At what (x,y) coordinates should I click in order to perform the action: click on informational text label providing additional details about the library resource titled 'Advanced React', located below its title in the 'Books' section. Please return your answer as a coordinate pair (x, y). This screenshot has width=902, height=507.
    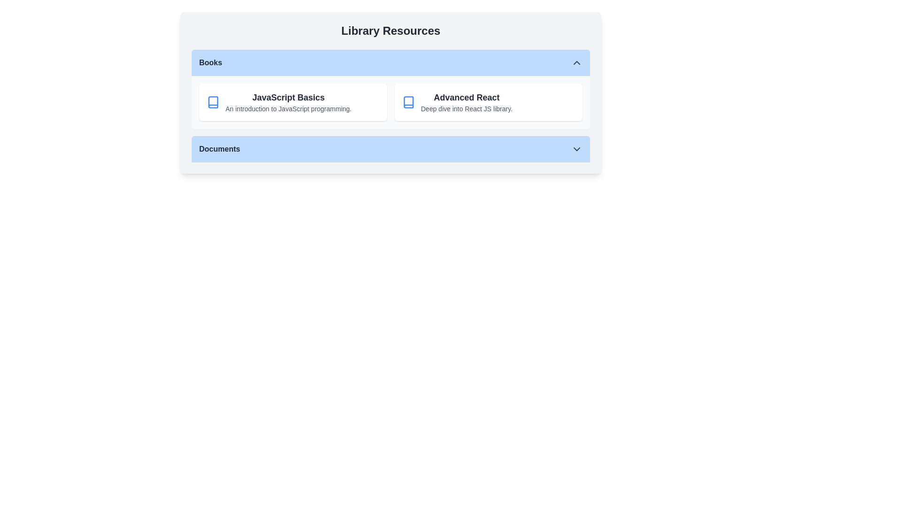
    Looking at the image, I should click on (467, 108).